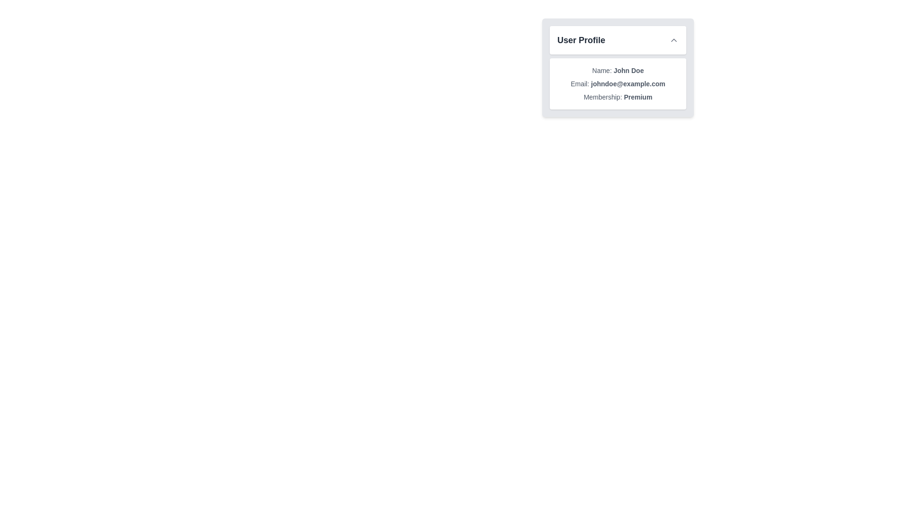 The height and width of the screenshot is (512, 910). I want to click on the text label displaying the name 'John Doe' in the user profile summary, which is positioned above the email and membership information, so click(618, 70).